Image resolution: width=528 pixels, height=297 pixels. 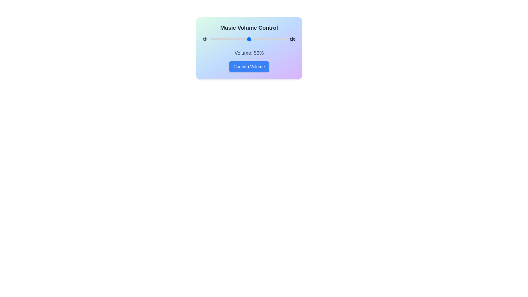 I want to click on the volume slider to set the volume to 79%, so click(x=271, y=39).